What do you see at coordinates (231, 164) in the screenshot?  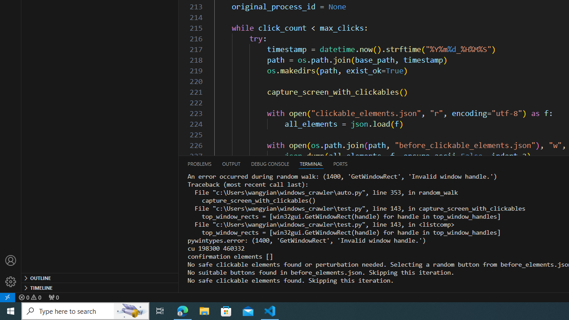 I see `'Output (Ctrl+Shift+U)'` at bounding box center [231, 164].